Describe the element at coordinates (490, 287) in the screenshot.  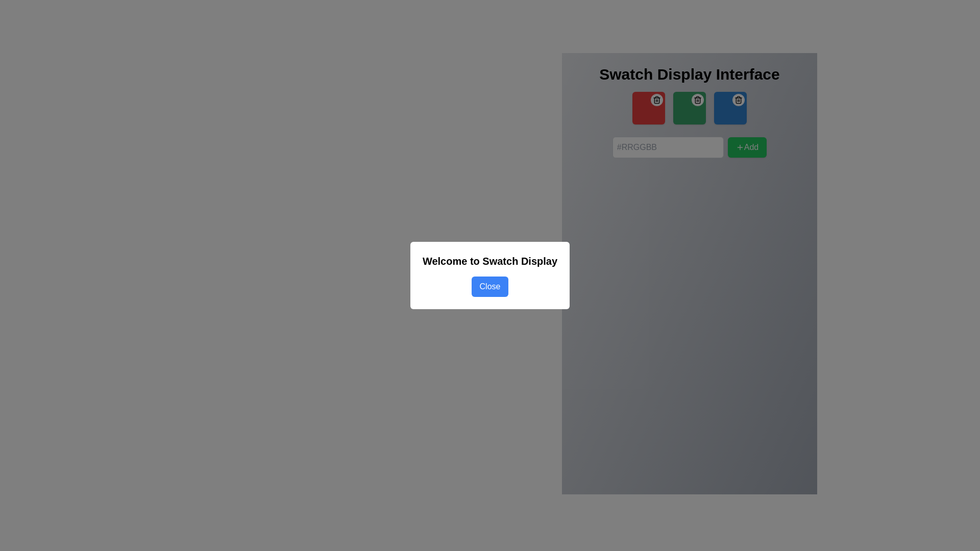
I see `the 'Close' button located within the modal that allows users` at that location.